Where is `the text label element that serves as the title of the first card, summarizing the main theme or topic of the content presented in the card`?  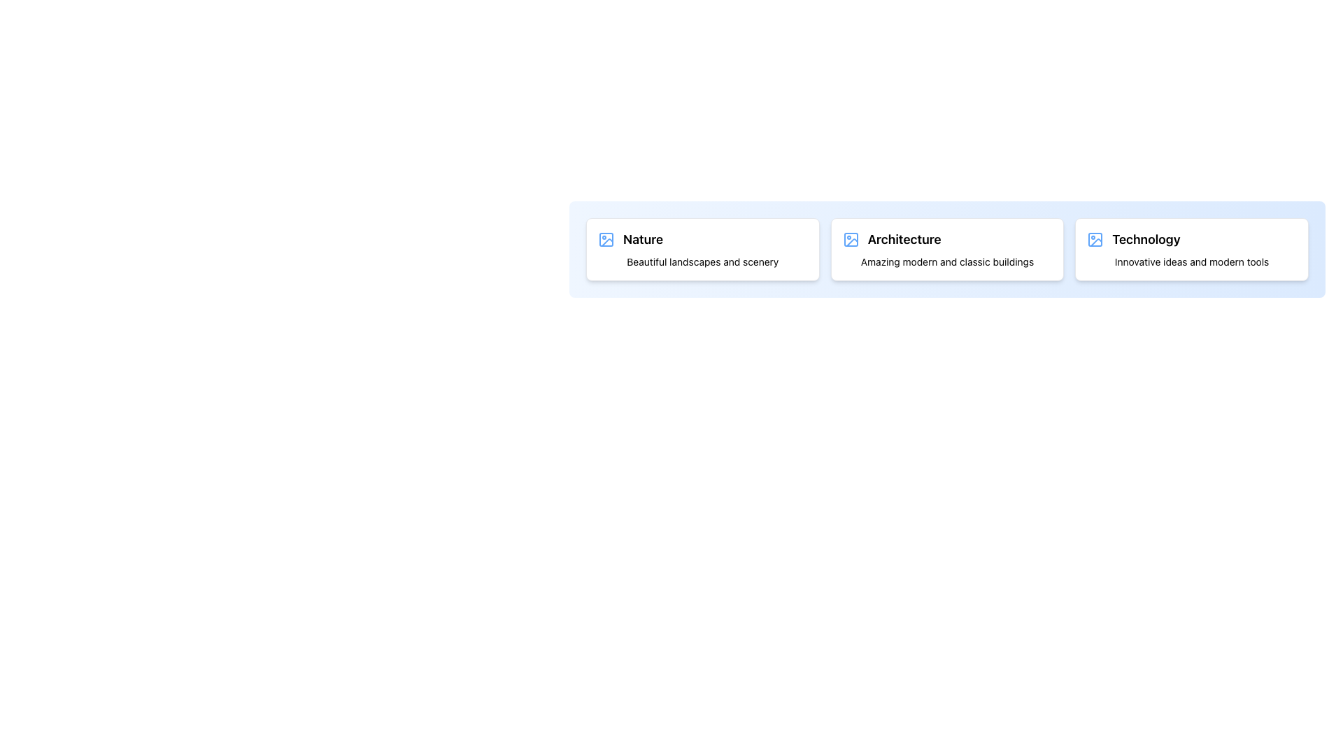 the text label element that serves as the title of the first card, summarizing the main theme or topic of the content presented in the card is located at coordinates (642, 239).